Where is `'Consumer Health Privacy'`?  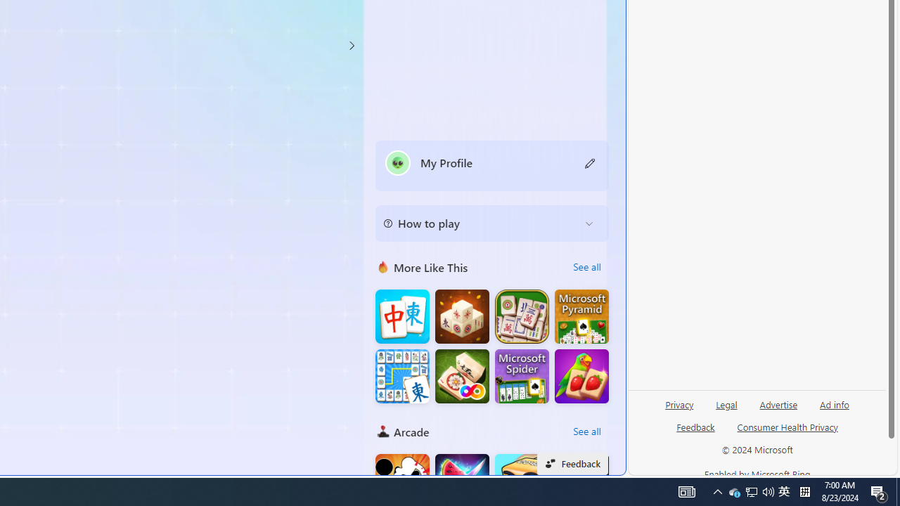
'Consumer Health Privacy' is located at coordinates (787, 432).